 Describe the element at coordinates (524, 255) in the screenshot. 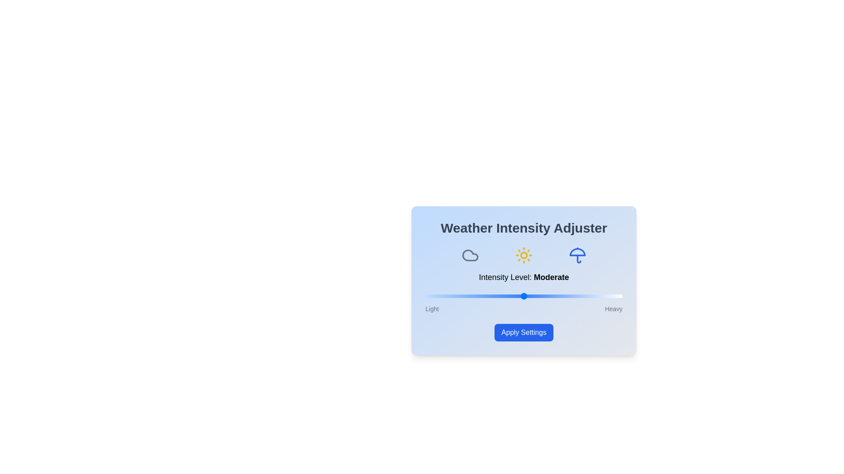

I see `the sun icon` at that location.